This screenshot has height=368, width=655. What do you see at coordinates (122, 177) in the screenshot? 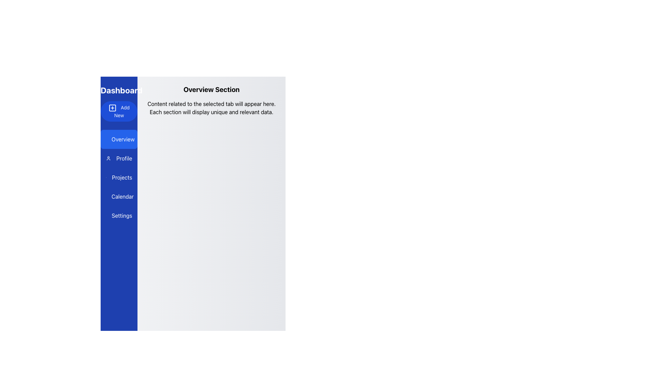
I see `the 'Projects' text label, which is a white label on a bold blue background in the vertical navigation menu` at bounding box center [122, 177].